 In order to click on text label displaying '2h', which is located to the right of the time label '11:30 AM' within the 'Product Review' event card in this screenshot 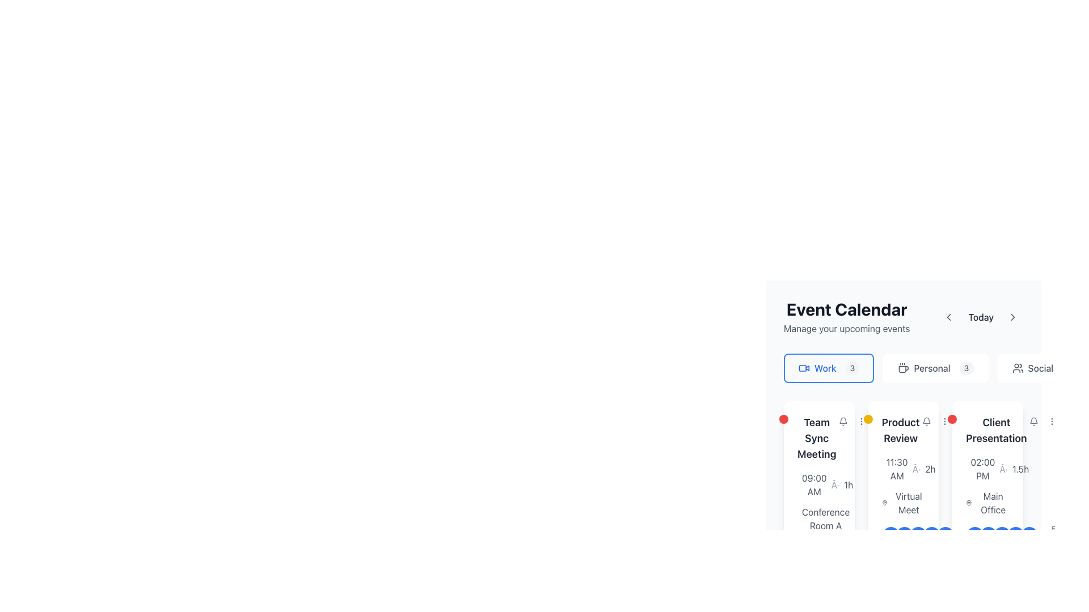, I will do `click(930, 469)`.